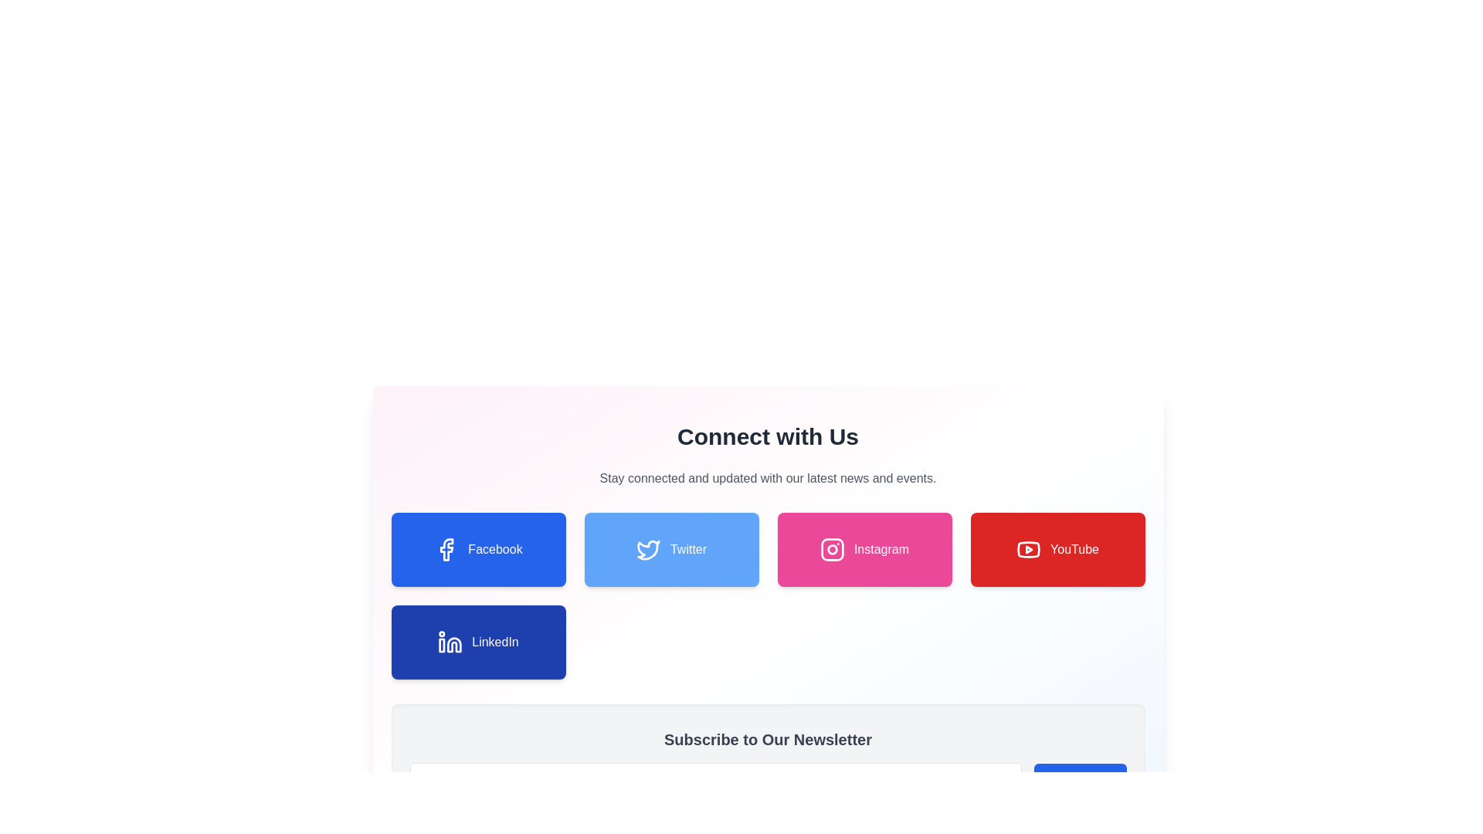  What do you see at coordinates (1074, 549) in the screenshot?
I see `text of the 'YouTube' label located within the red rectangular button, positioned to the right of the 'Instagram' button in the social media button group` at bounding box center [1074, 549].